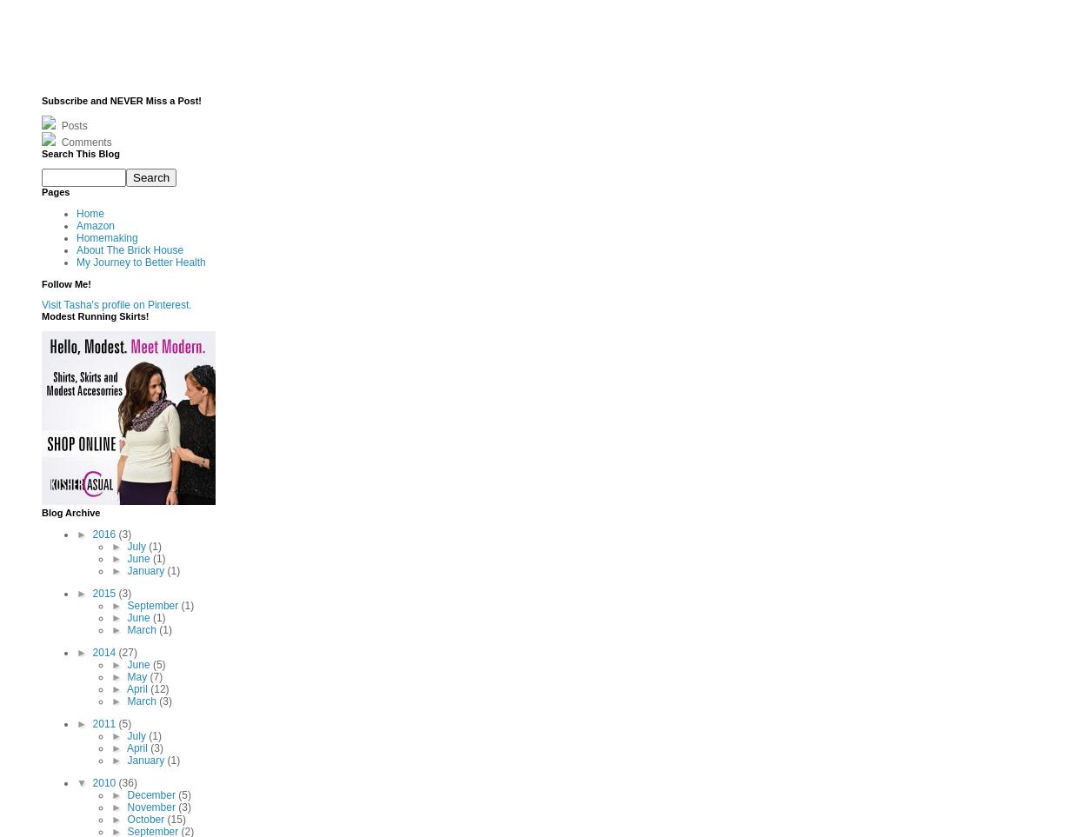 This screenshot has width=1085, height=837. I want to click on '2014', so click(105, 651).